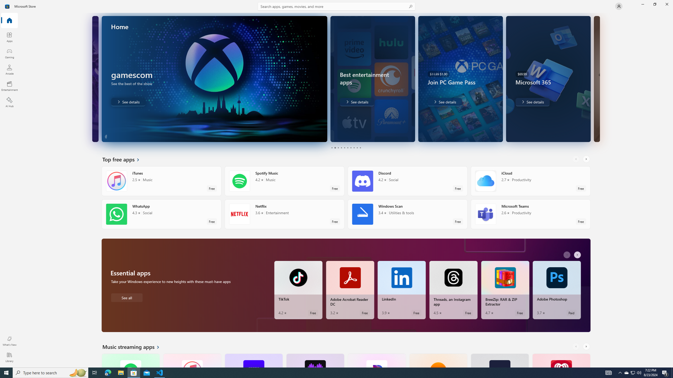 This screenshot has height=378, width=673. What do you see at coordinates (354, 148) in the screenshot?
I see `'Page 8'` at bounding box center [354, 148].